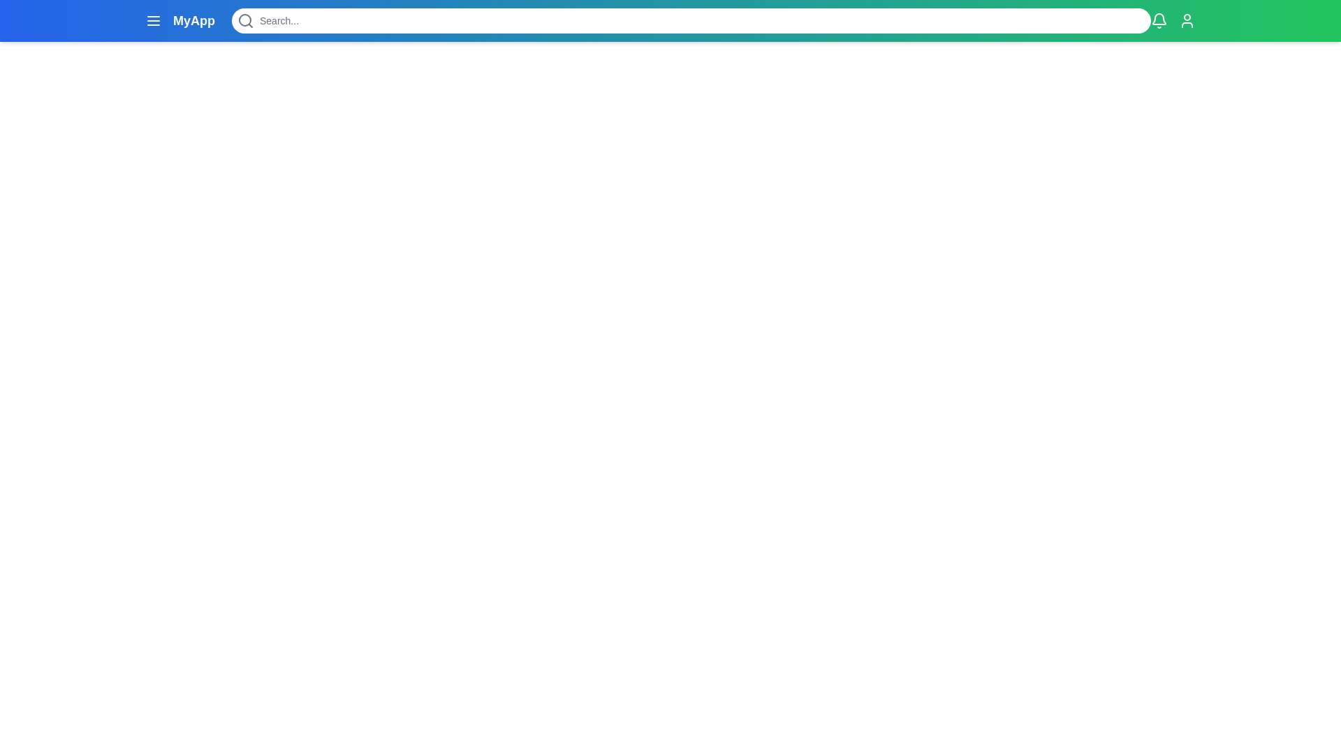  I want to click on the circular vector element that forms part of the search icon located in the top navigation bar, which visually represents the search functionality, so click(244, 20).